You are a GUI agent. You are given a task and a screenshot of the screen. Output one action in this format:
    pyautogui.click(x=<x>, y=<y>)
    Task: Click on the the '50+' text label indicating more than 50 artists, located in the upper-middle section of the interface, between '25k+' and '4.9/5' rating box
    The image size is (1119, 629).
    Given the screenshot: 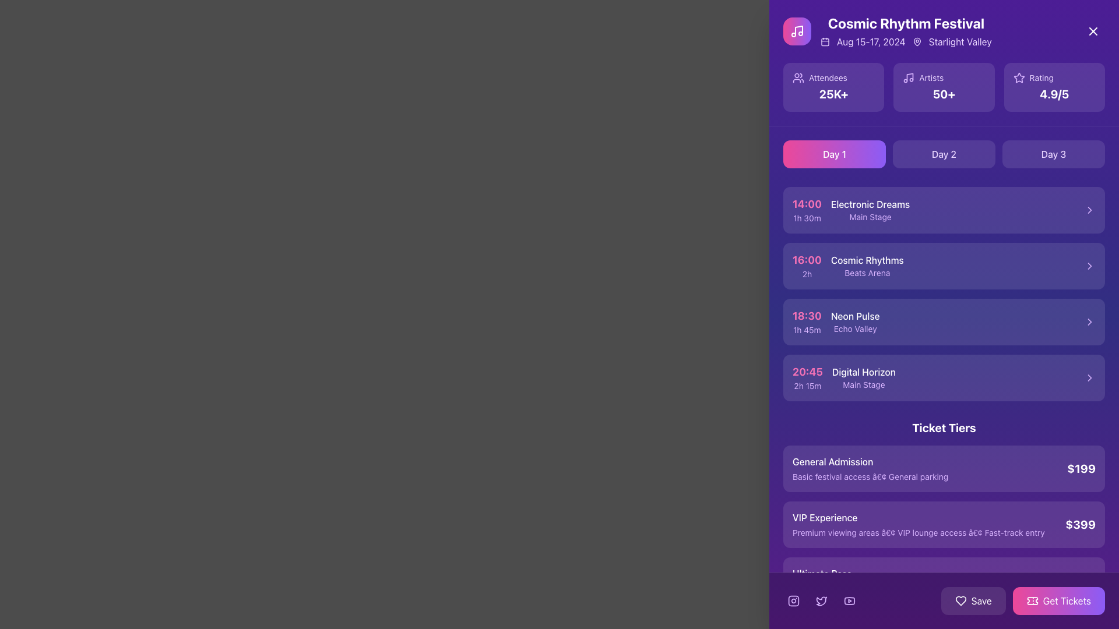 What is the action you would take?
    pyautogui.click(x=944, y=94)
    